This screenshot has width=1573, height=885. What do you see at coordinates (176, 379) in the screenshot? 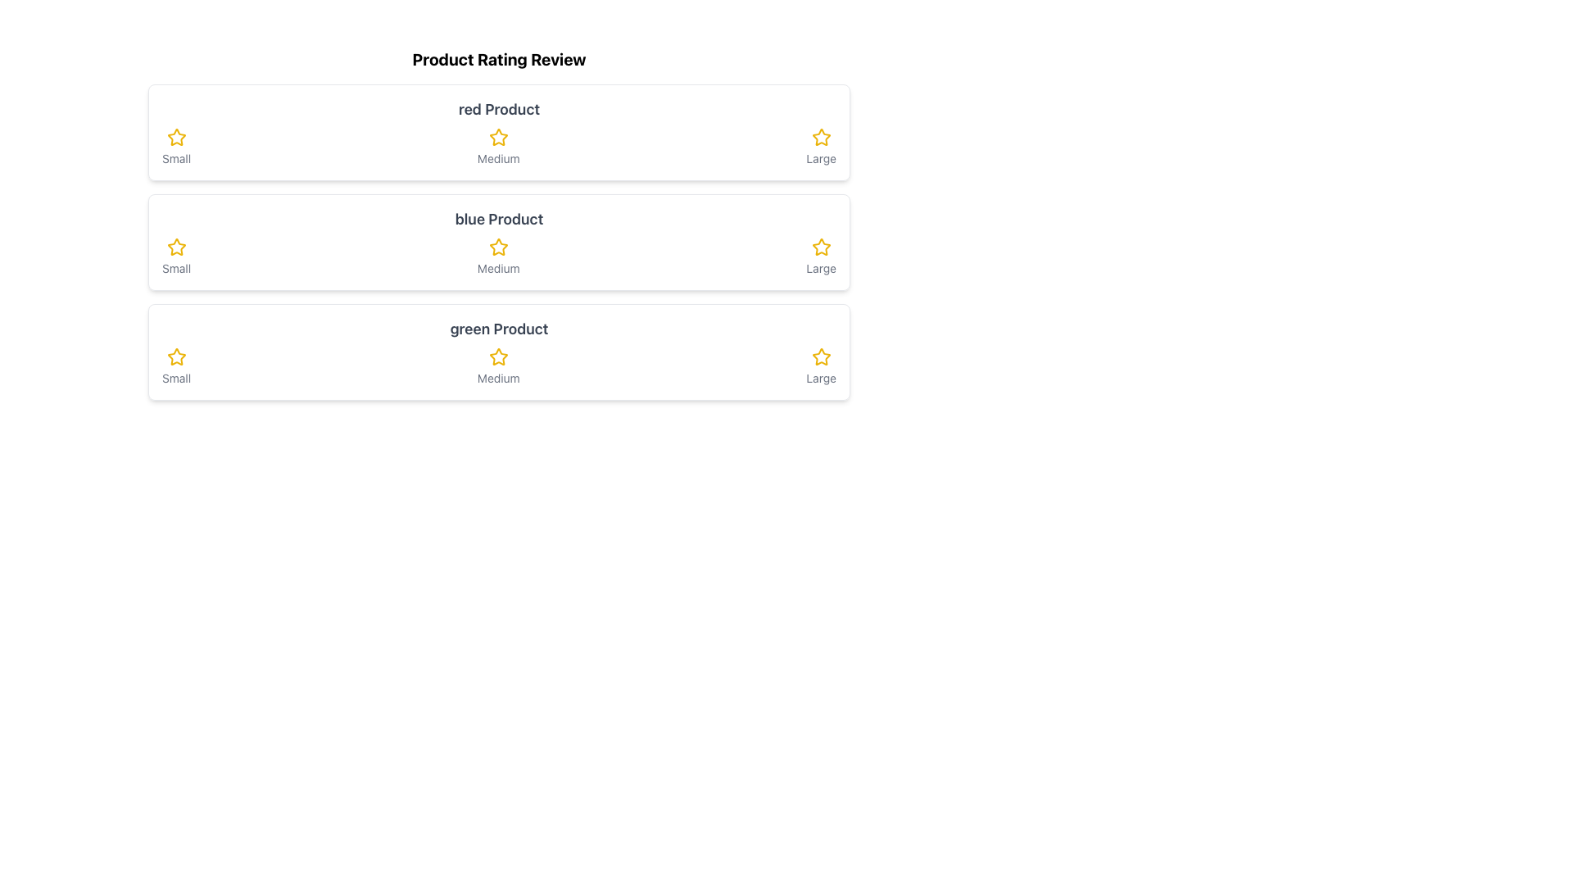
I see `the 'Small' size rating text label for the 'green Product' review, which is the third 'Small' label positioned below the yellow star icon and to the left of the 'Medium' and 'Large' options` at bounding box center [176, 379].